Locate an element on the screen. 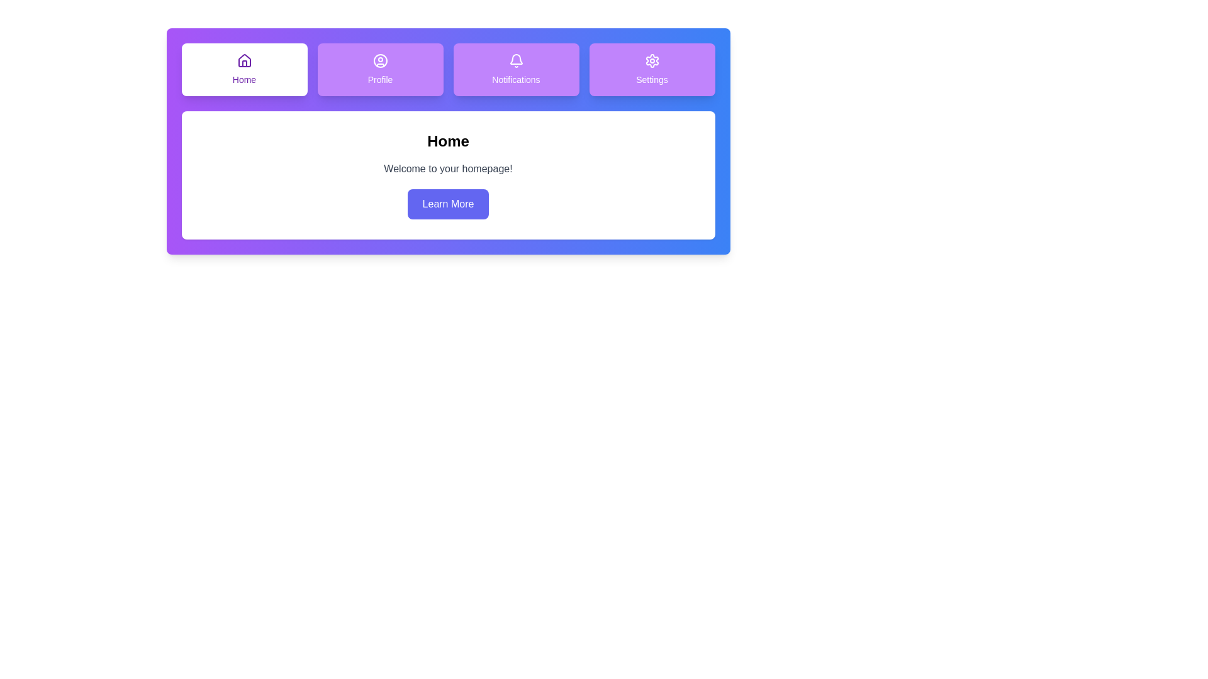 This screenshot has width=1208, height=679. the Profile tab by clicking on it is located at coordinates (379, 70).